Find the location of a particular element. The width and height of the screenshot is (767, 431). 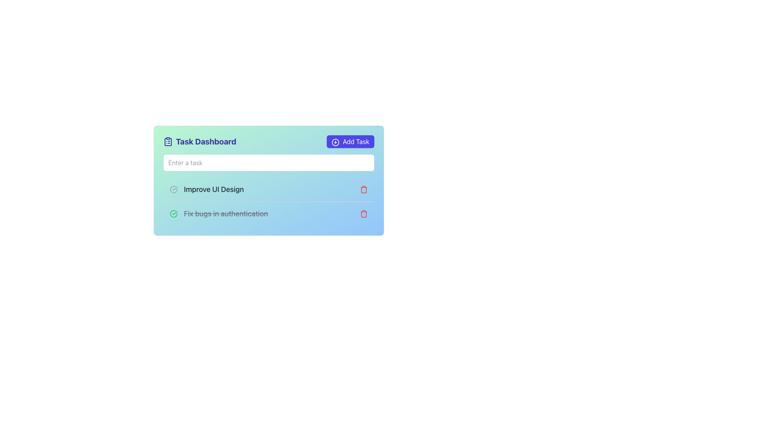

the circular icon with a plus sign is located at coordinates (336, 142).